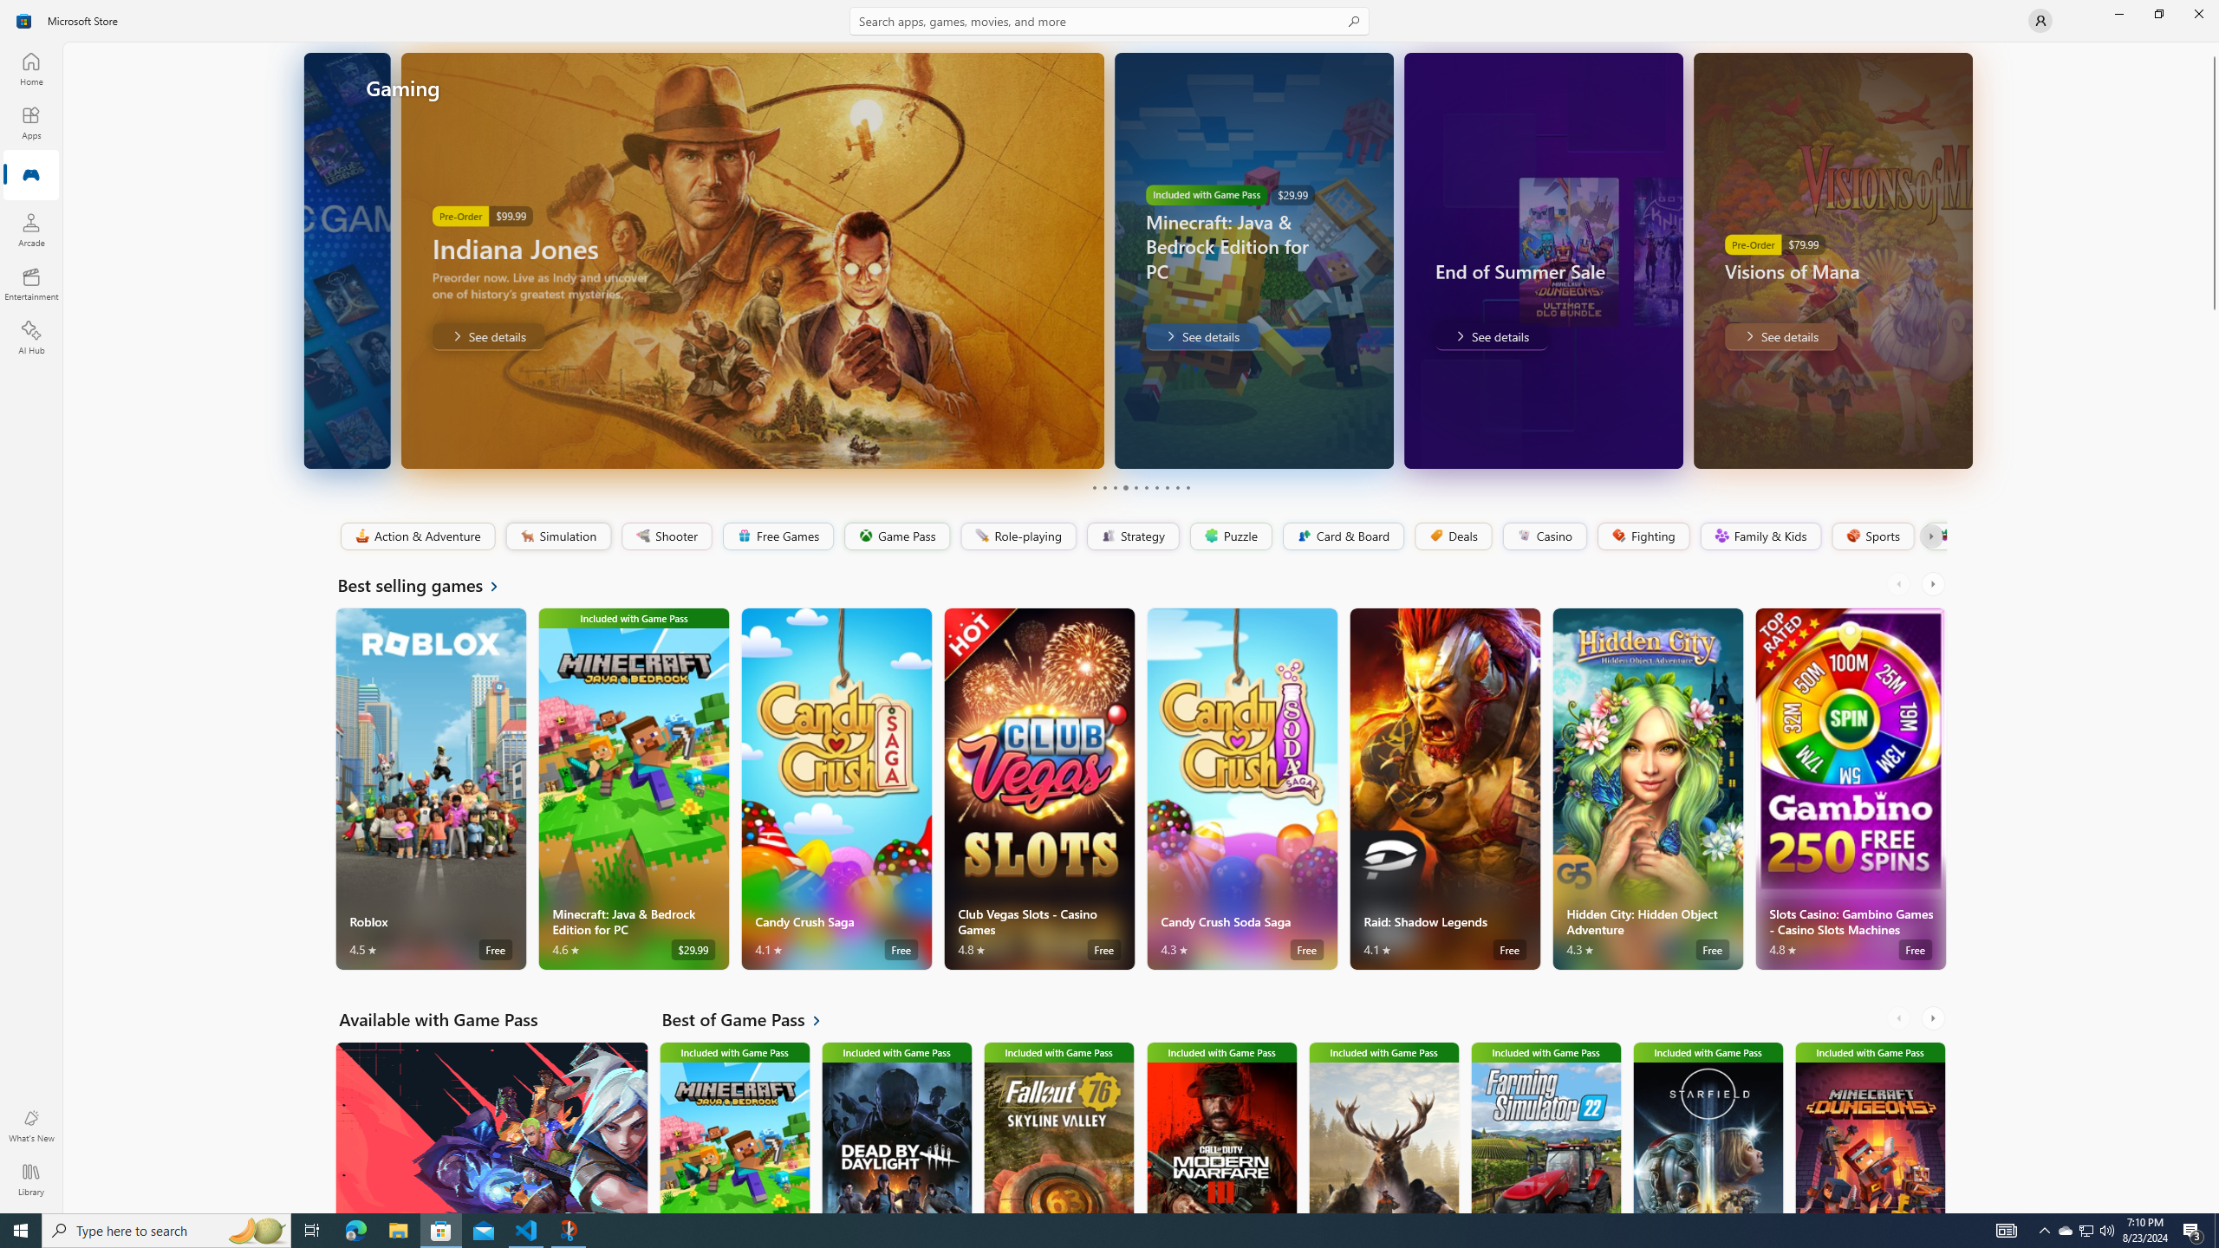 The image size is (2219, 1248). Describe the element at coordinates (417, 536) in the screenshot. I see `'Action & Adventure'` at that location.